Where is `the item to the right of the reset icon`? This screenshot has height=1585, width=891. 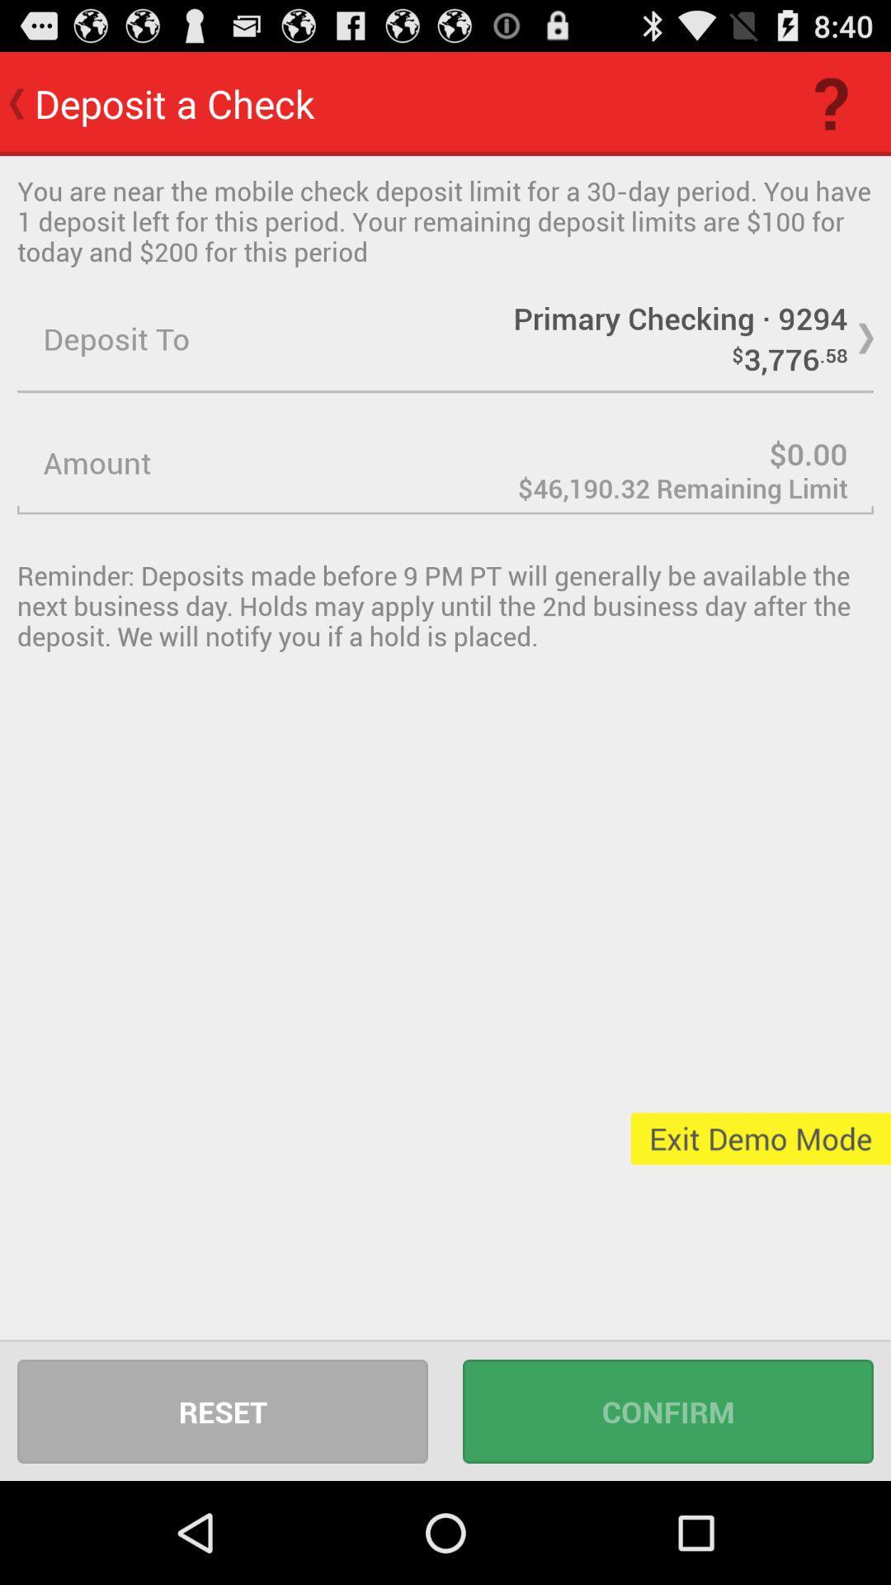
the item to the right of the reset icon is located at coordinates (668, 1410).